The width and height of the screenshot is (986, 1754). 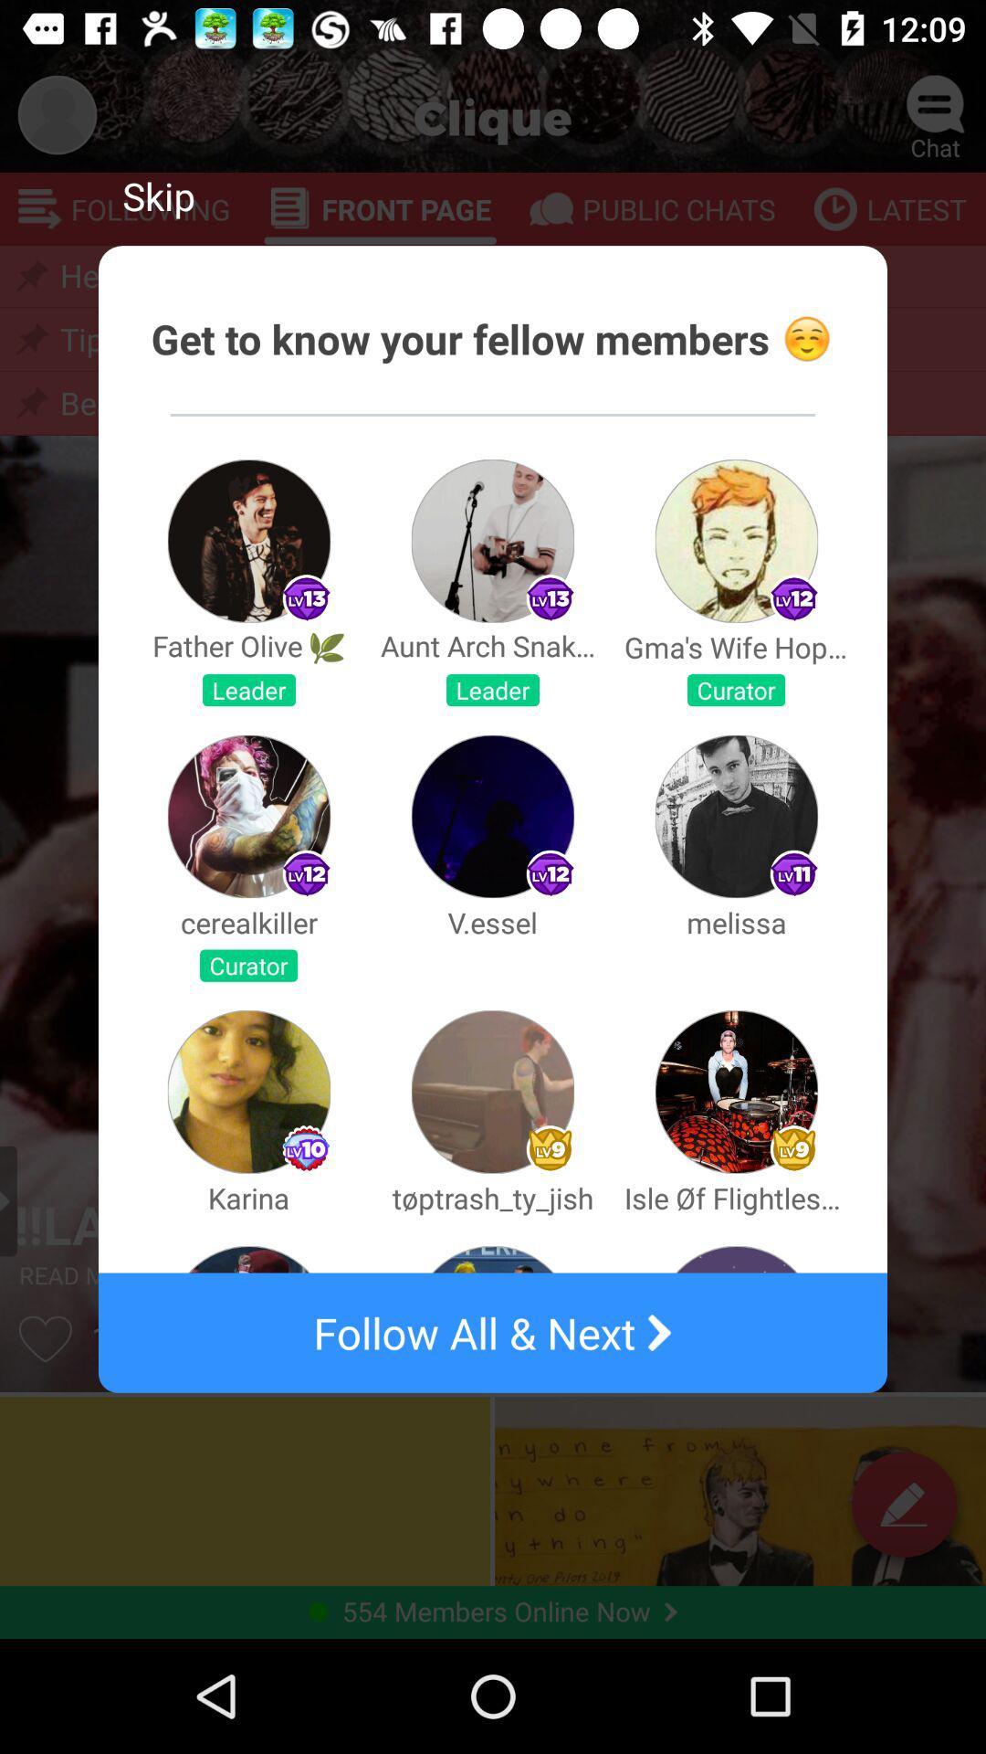 What do you see at coordinates (157, 195) in the screenshot?
I see `skip item` at bounding box center [157, 195].